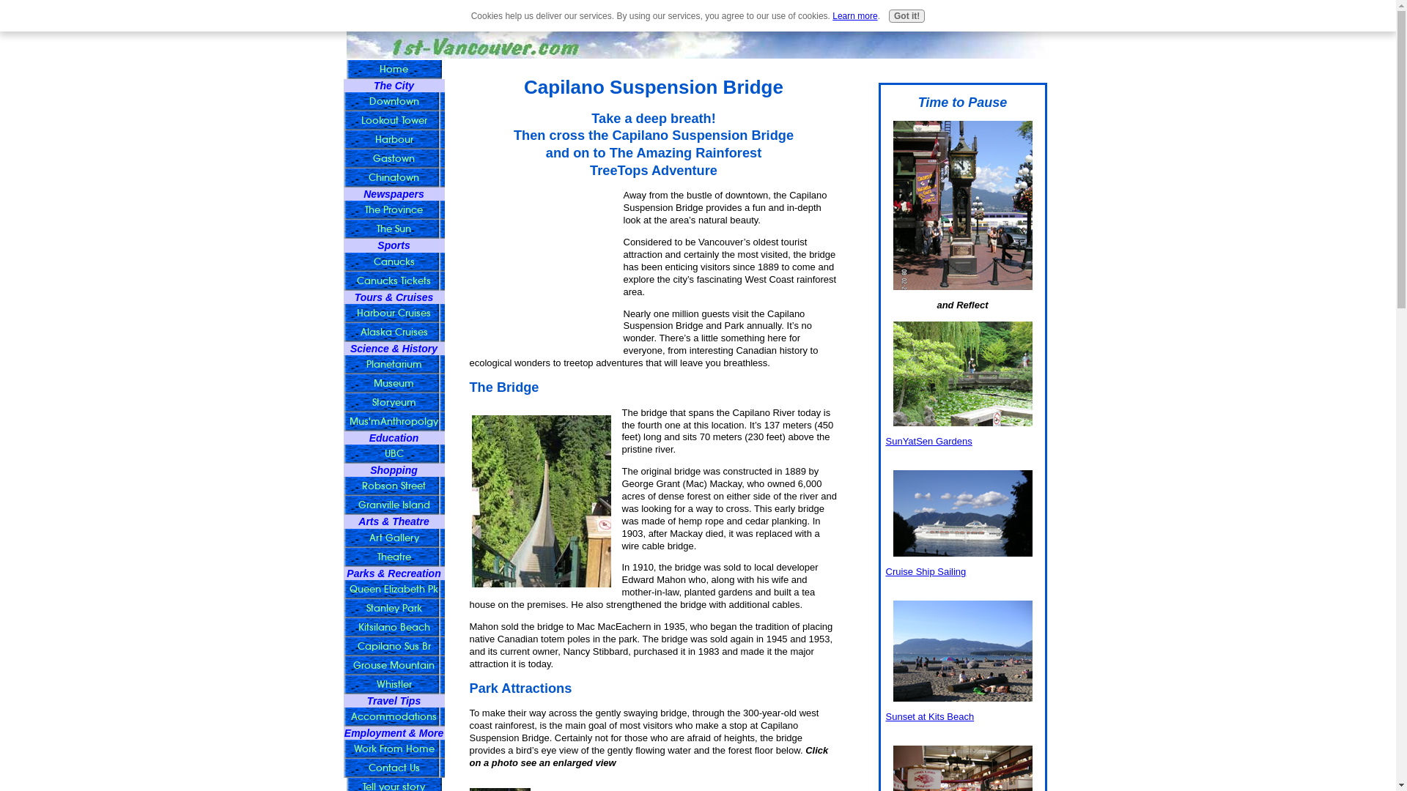  Describe the element at coordinates (394, 626) in the screenshot. I see `'Kitsilano Beach'` at that location.